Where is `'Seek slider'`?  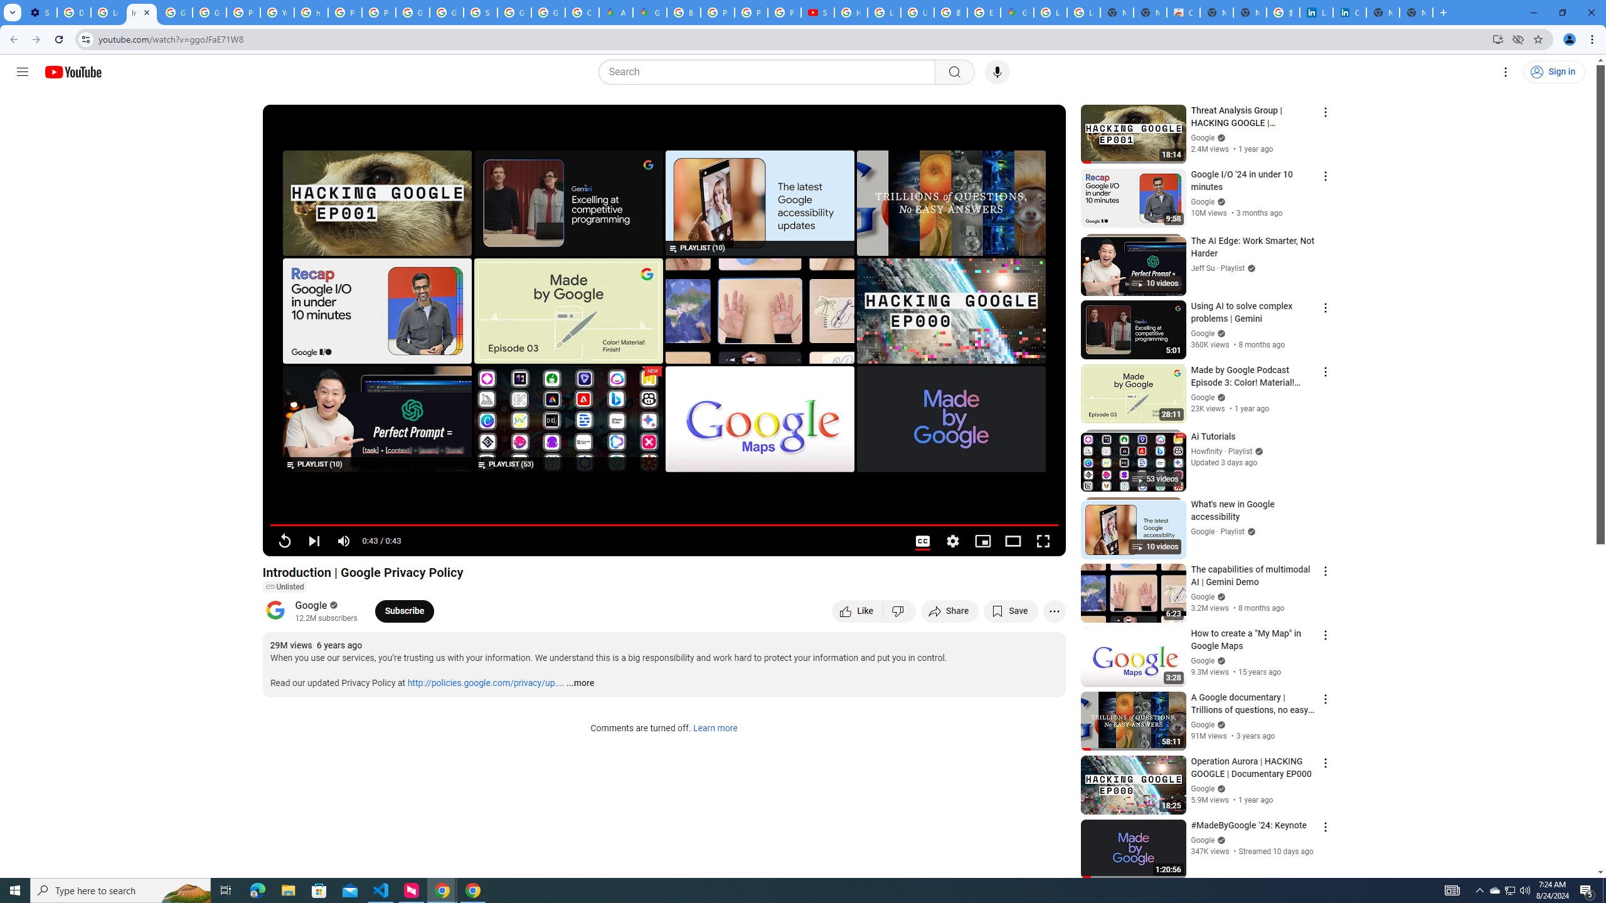
'Seek slider' is located at coordinates (663, 524).